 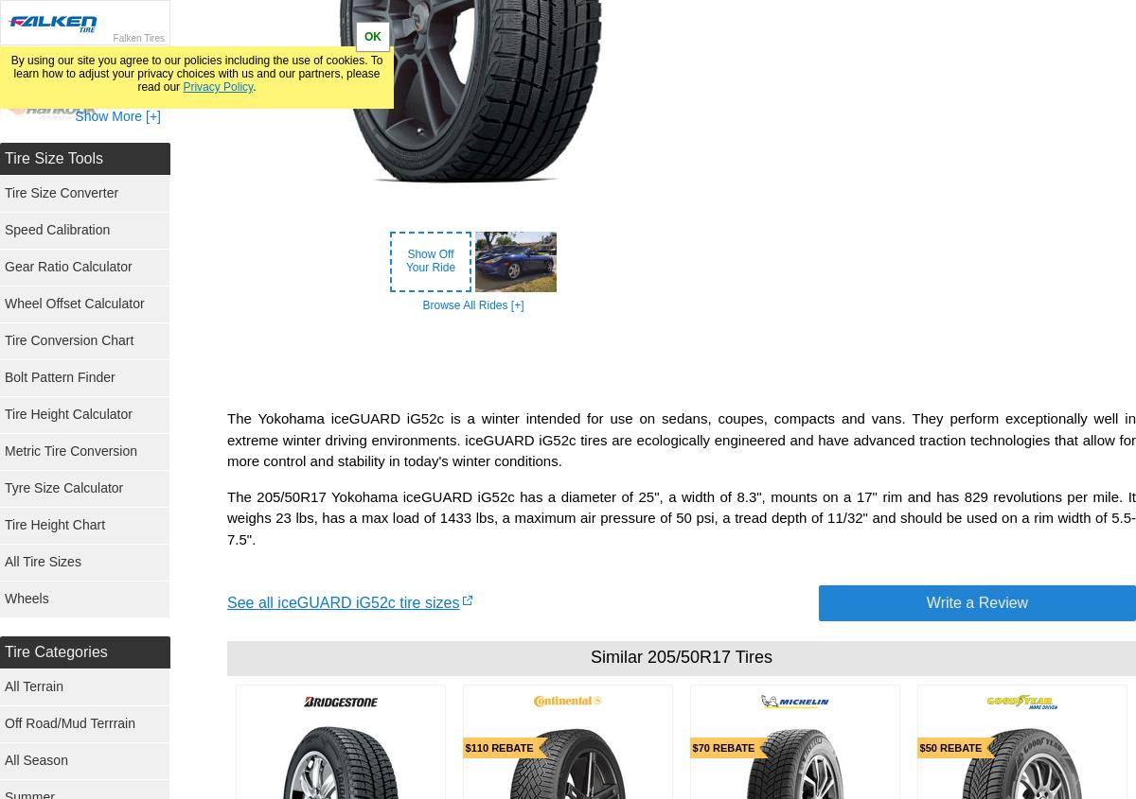 What do you see at coordinates (226, 440) in the screenshot?
I see `'The Yokohama iceGUARD iG52c is a winter intended for use on sedans, coupes, compacts and vans. They perform exceptionally well in extreme winter driving environments. iceGUARD iG52c tires are ecologically engineered and have advanced traction technologies that allow for more control and stability in today's winter conditions.'` at bounding box center [226, 440].